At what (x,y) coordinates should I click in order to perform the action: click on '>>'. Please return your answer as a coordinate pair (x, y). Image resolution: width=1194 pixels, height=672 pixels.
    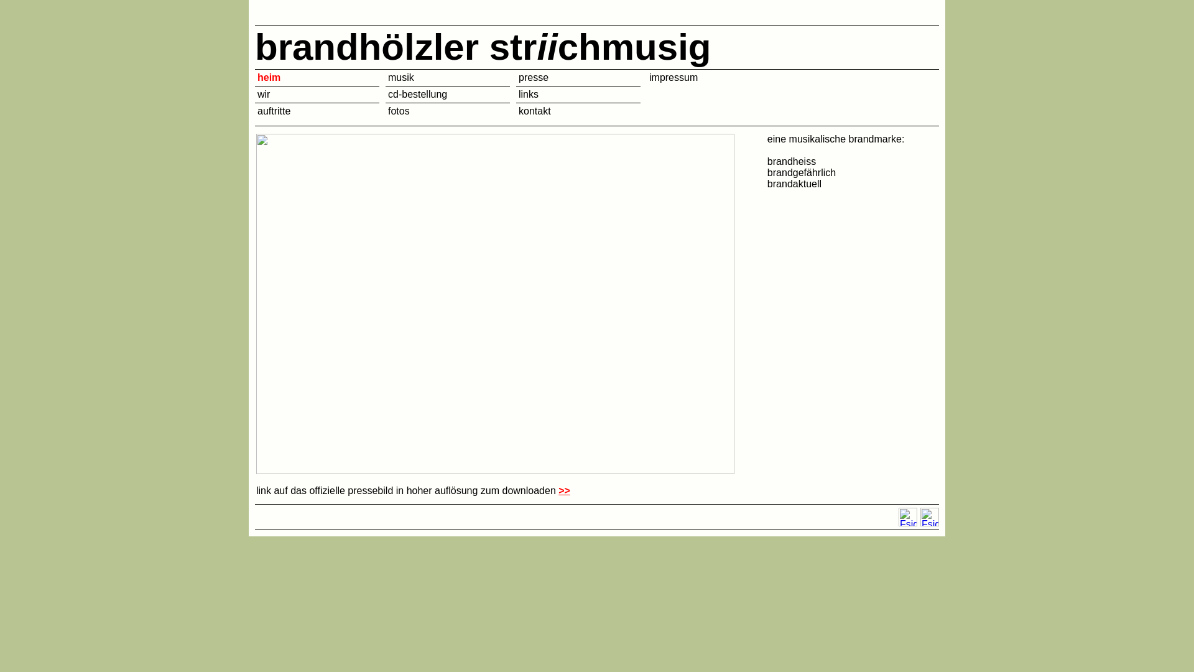
    Looking at the image, I should click on (563, 490).